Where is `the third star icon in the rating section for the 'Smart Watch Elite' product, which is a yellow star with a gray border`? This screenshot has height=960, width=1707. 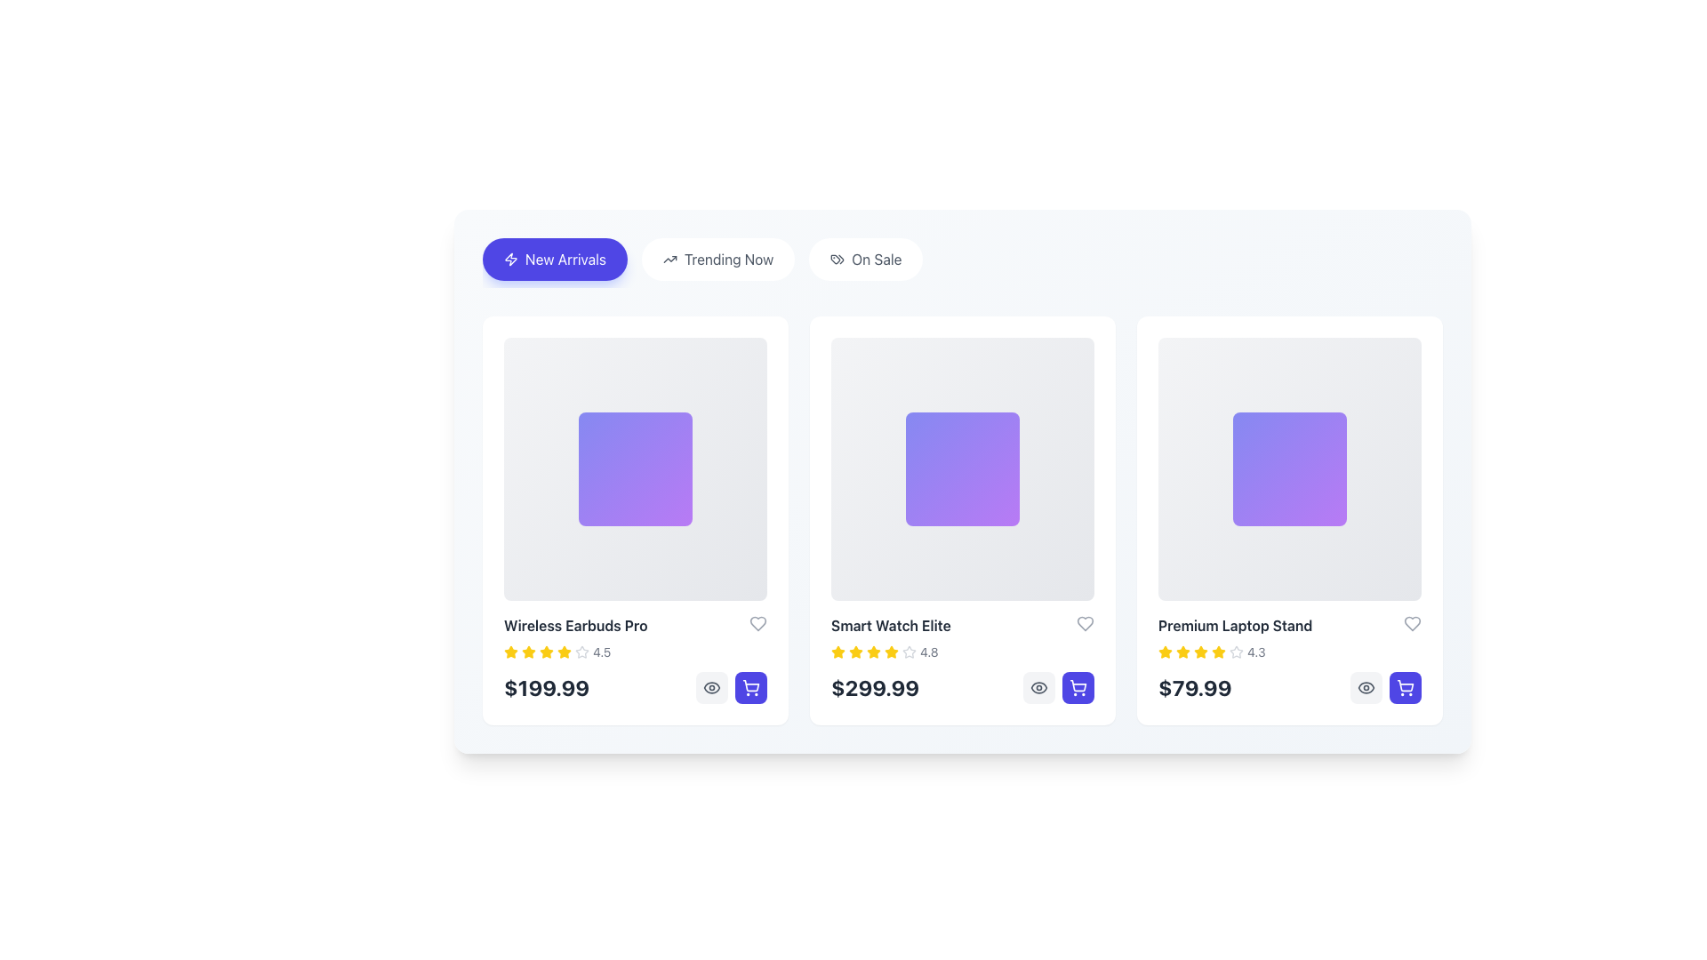 the third star icon in the rating section for the 'Smart Watch Elite' product, which is a yellow star with a gray border is located at coordinates (856, 652).